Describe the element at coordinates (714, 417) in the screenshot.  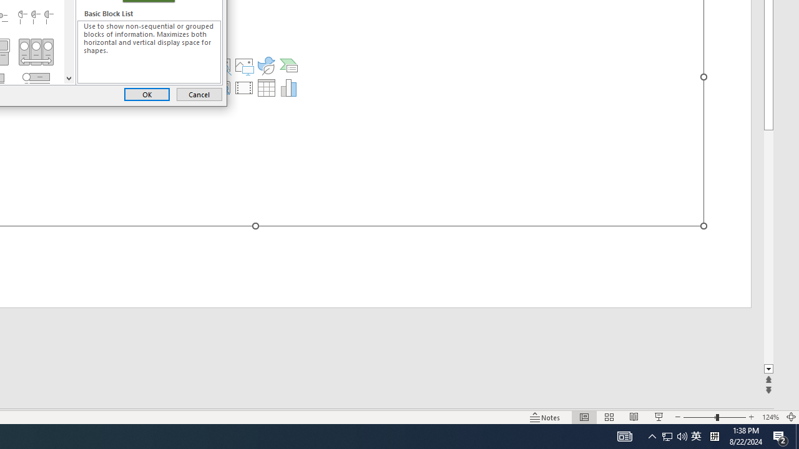
I see `'Zoom'` at that location.